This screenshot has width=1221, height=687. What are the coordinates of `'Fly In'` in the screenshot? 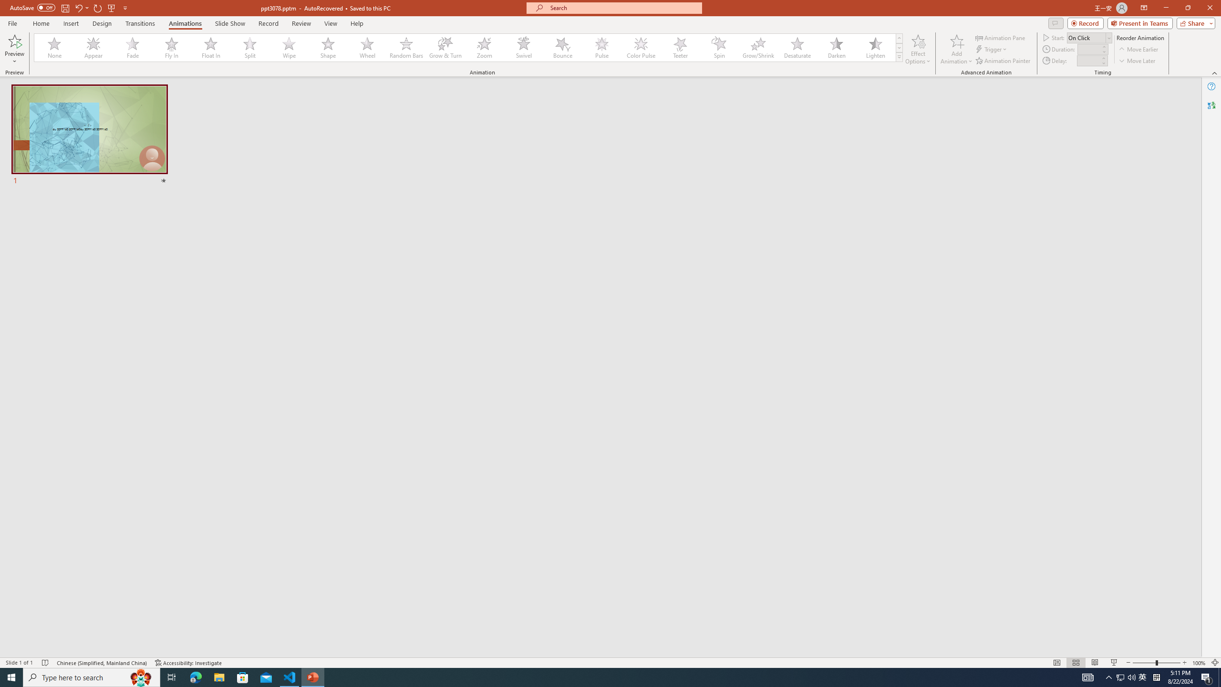 It's located at (171, 47).